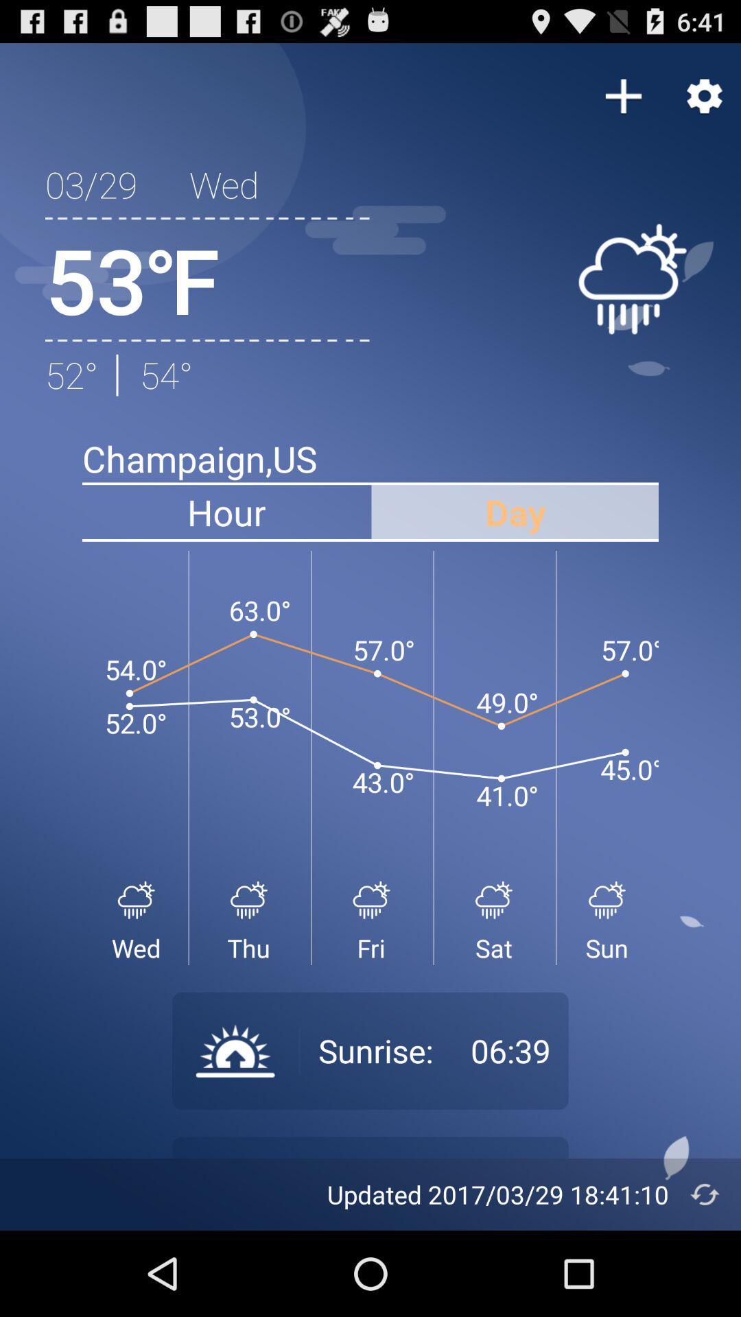 The width and height of the screenshot is (741, 1317). What do you see at coordinates (705, 1194) in the screenshot?
I see `the icon to the right of updated 2017 03` at bounding box center [705, 1194].